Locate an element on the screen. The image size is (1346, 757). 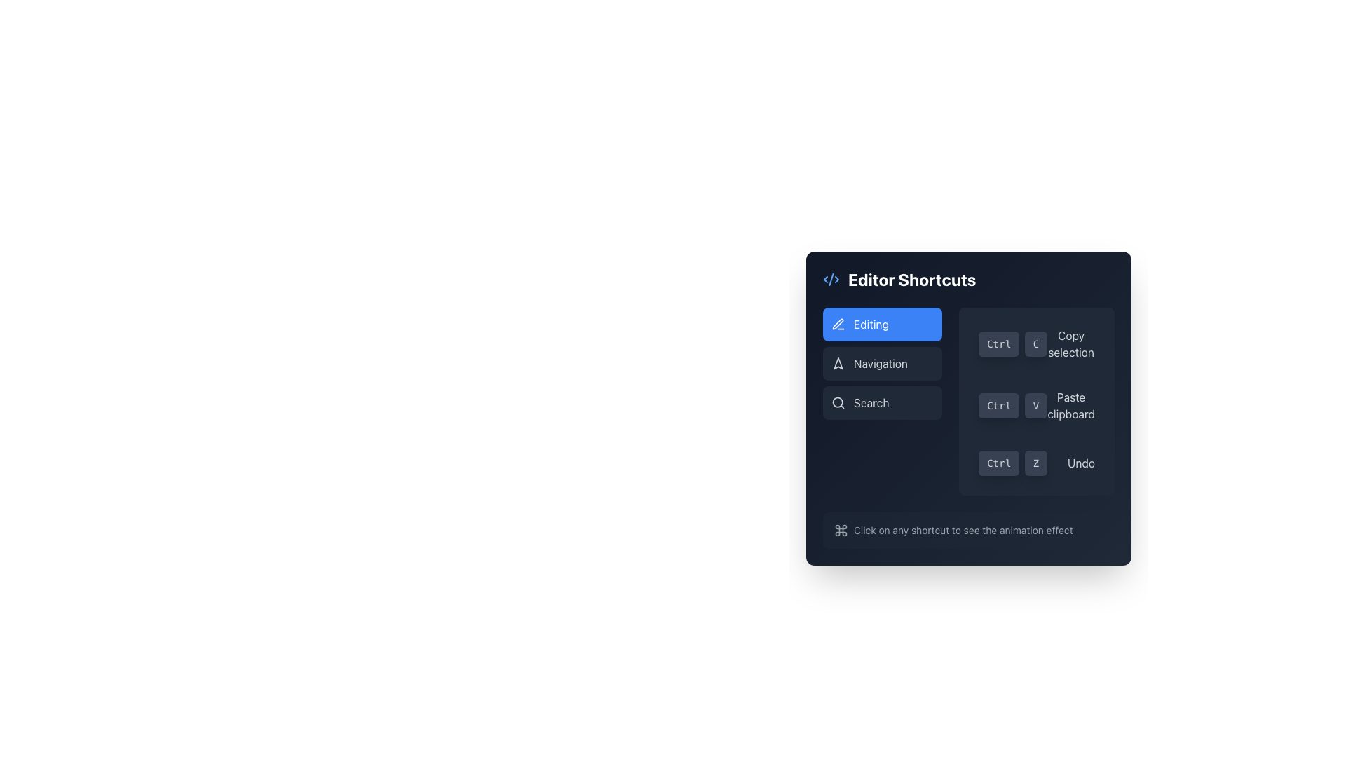
the 'Undo' shortcut button for 'Ctrl + Z' located under 'Editor Shortcuts' is located at coordinates (1036, 463).